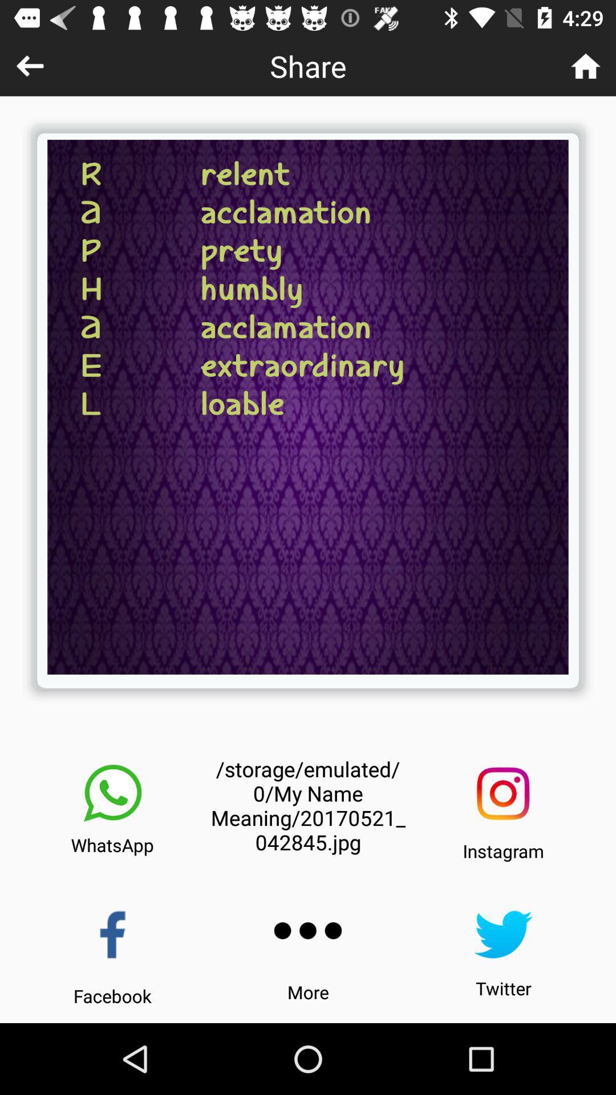 Image resolution: width=616 pixels, height=1095 pixels. What do you see at coordinates (502, 793) in the screenshot?
I see `share to instagram` at bounding box center [502, 793].